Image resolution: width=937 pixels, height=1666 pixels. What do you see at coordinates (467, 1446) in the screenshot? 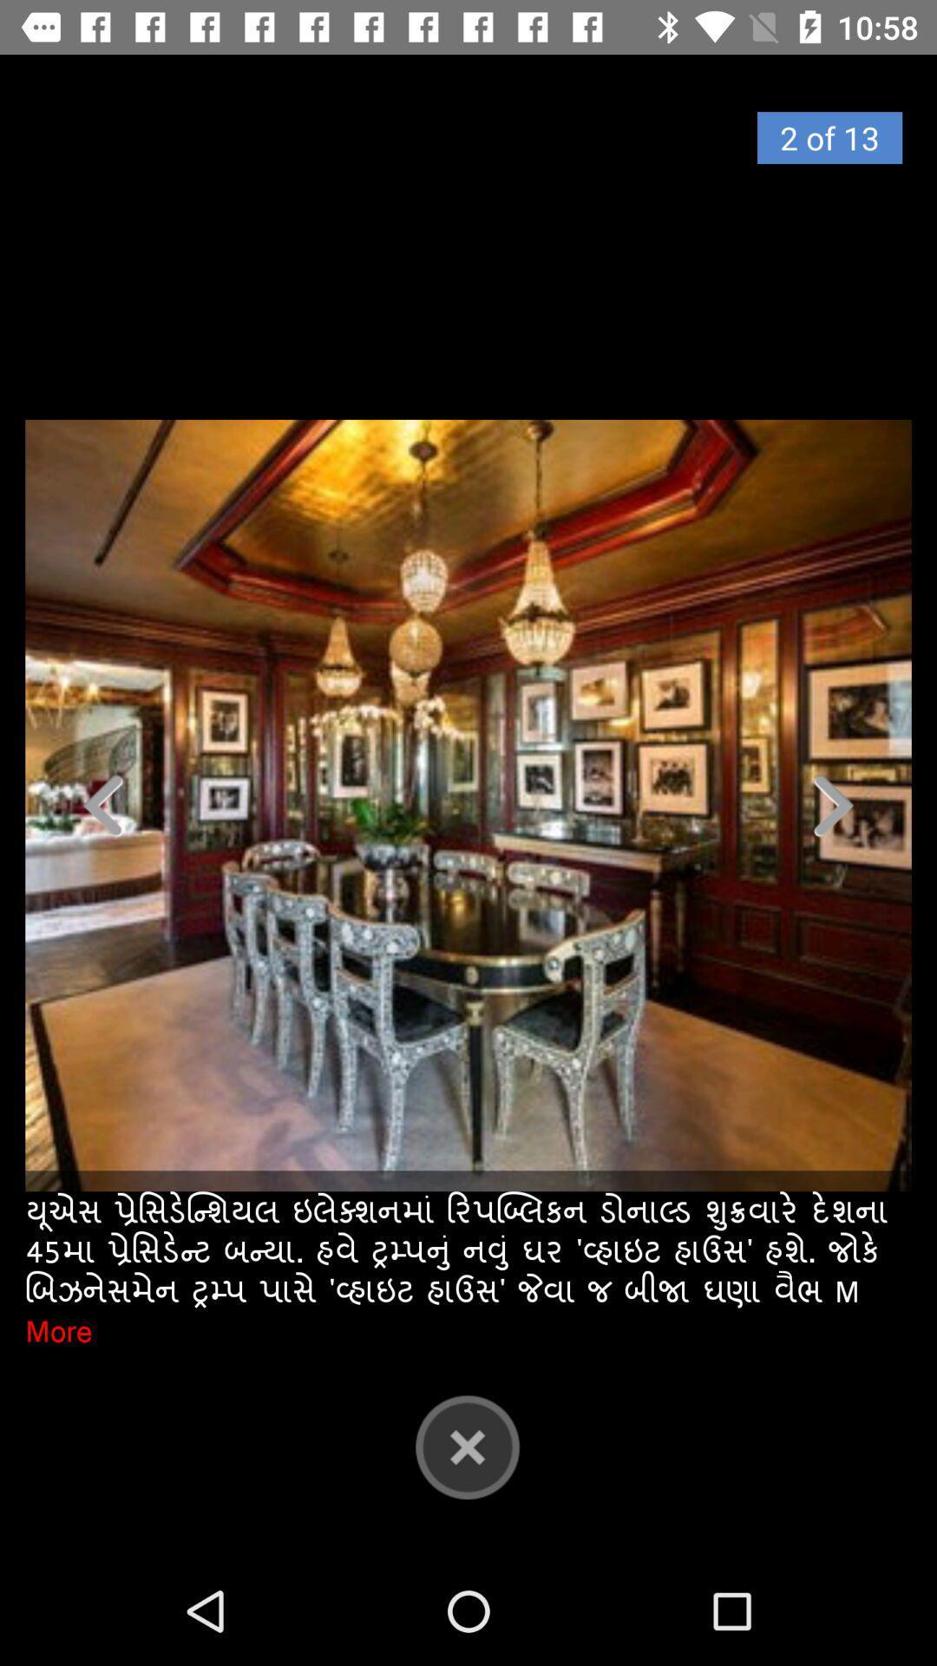
I see `close` at bounding box center [467, 1446].